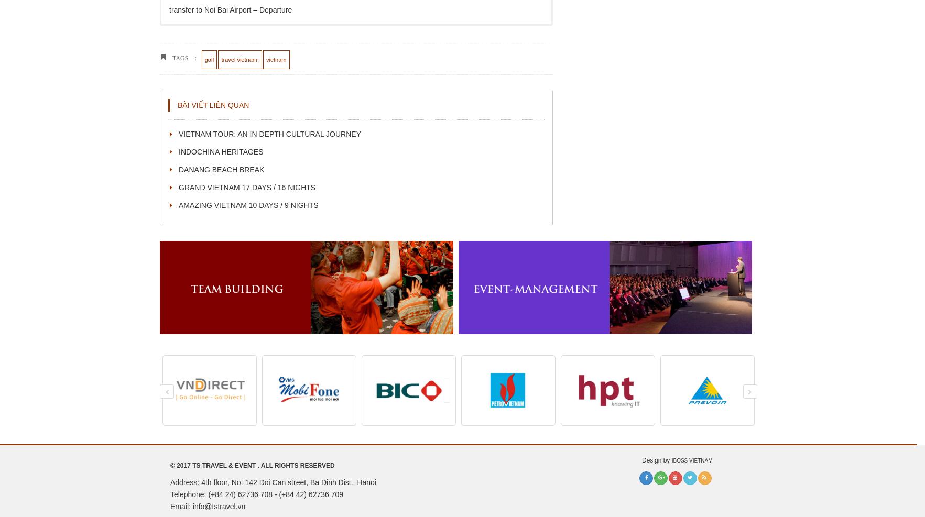 This screenshot has width=925, height=517. I want to click on 'vietnam', so click(265, 59).